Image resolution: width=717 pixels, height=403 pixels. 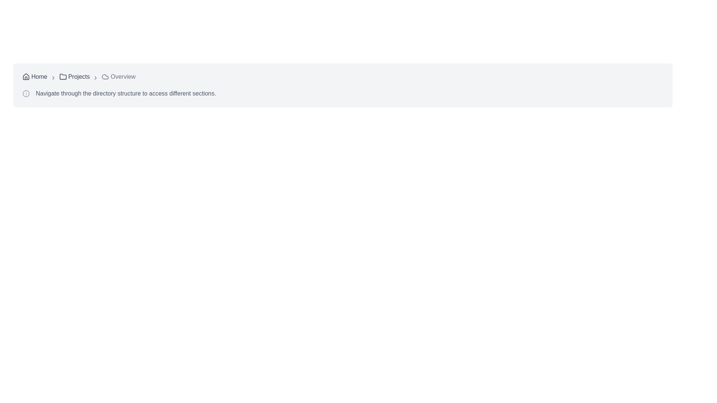 What do you see at coordinates (53, 78) in the screenshot?
I see `the second icon in the breadcrumb navigation that visually indicates hierarchy, placed between 'Home' and 'Projects'` at bounding box center [53, 78].